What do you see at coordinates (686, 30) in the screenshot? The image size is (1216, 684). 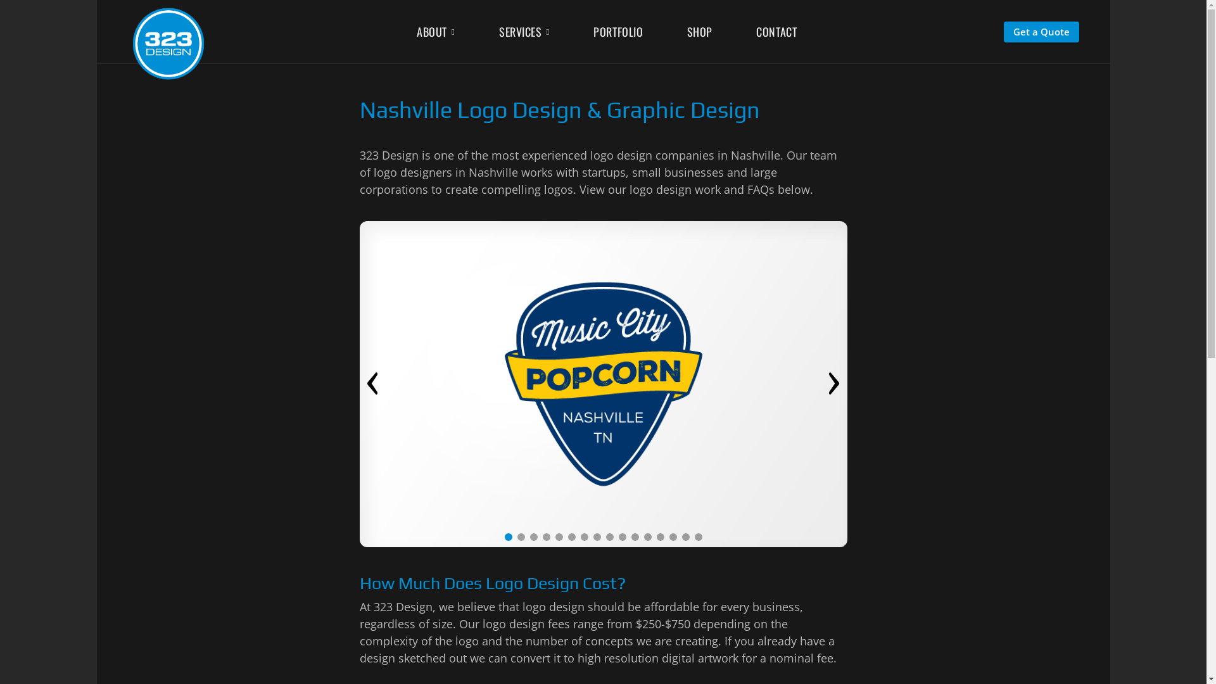 I see `'SHOP'` at bounding box center [686, 30].